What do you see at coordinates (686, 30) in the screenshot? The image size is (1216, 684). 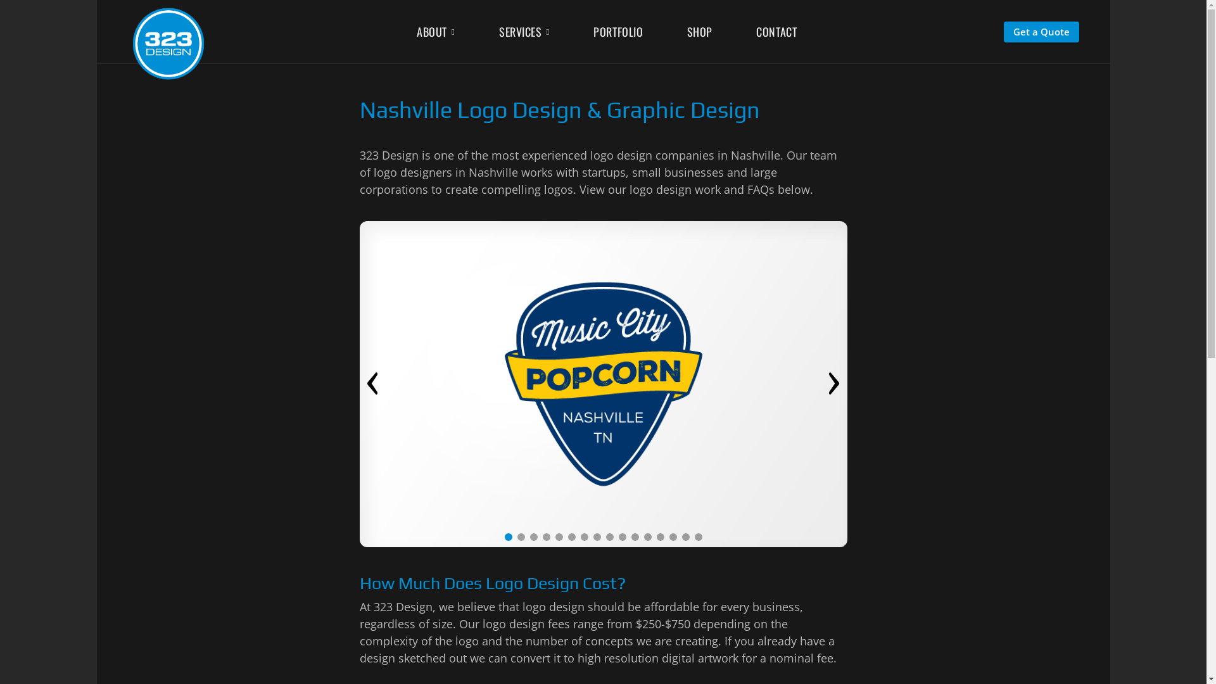 I see `'SHOP'` at bounding box center [686, 30].